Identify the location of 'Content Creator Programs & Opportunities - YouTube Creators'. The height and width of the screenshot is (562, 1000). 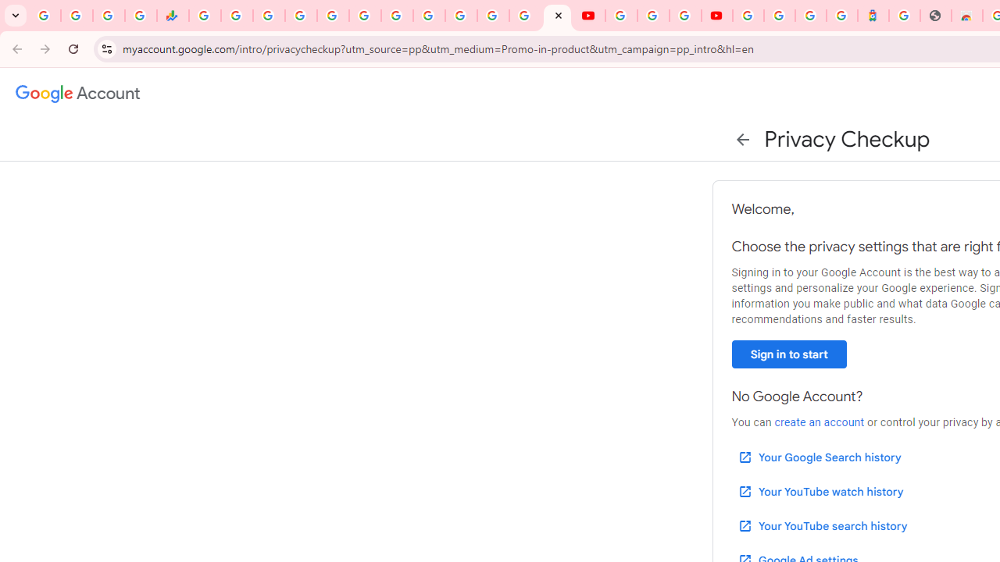
(716, 16).